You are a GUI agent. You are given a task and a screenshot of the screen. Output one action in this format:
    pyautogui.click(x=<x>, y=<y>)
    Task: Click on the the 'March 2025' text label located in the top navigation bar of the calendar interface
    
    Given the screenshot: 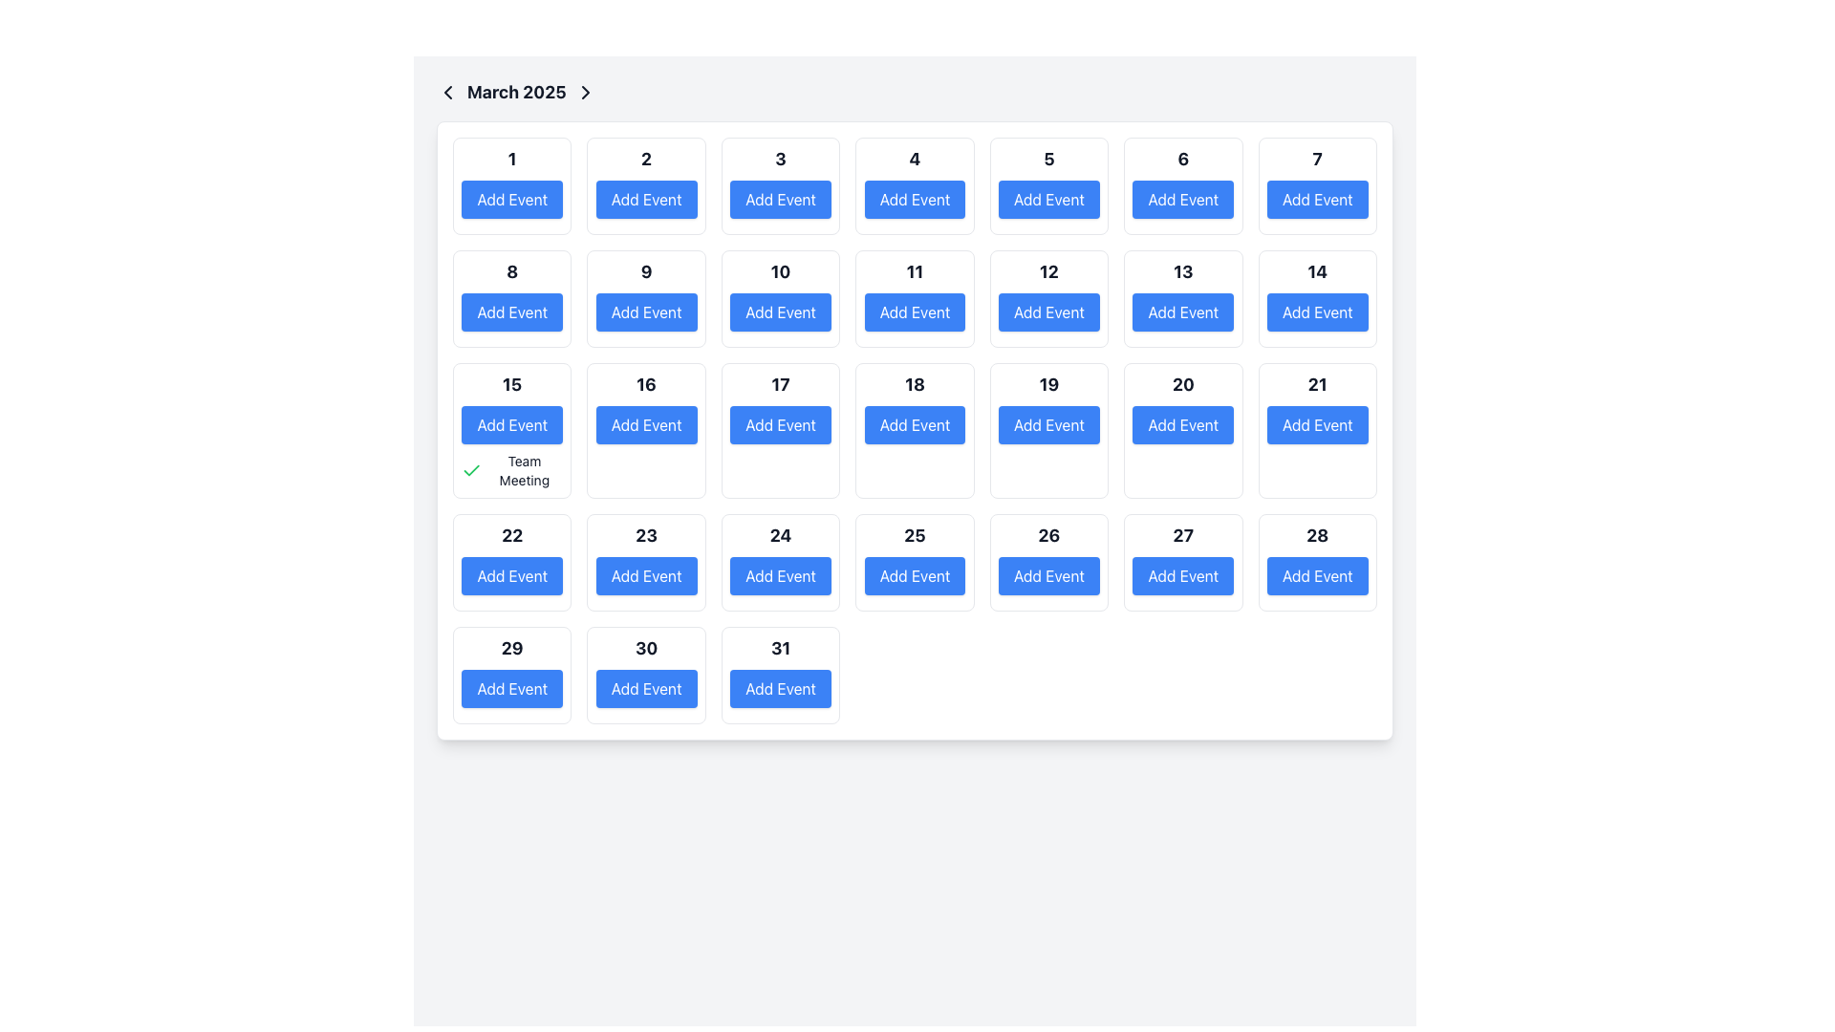 What is the action you would take?
    pyautogui.click(x=516, y=92)
    